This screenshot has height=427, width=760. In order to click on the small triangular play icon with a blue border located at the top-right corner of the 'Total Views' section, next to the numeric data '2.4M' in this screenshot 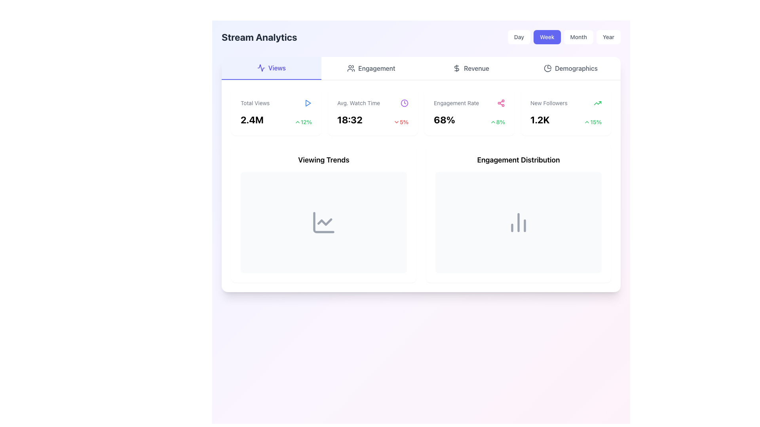, I will do `click(307, 103)`.